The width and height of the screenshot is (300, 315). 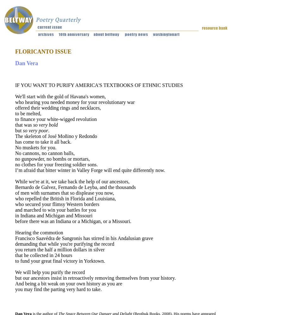 I want to click on 'before there was an Indiana or a Michigan, or a Missouri.', so click(x=73, y=221).